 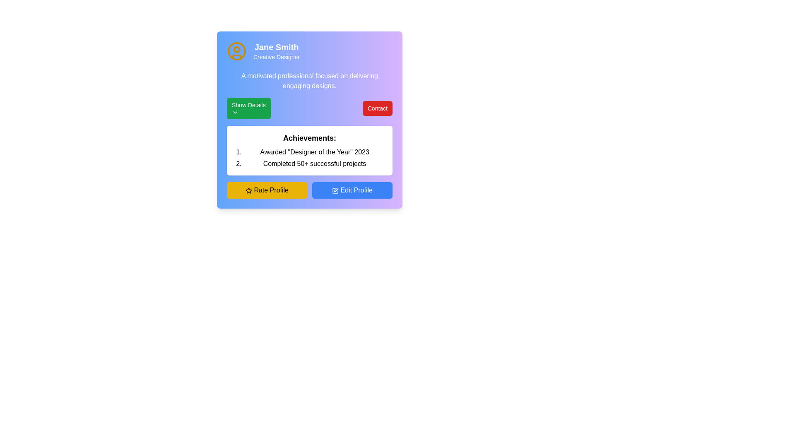 I want to click on the 'Rate Profile' button, which is a rectangular button with a yellow background and black text, located at the bottom-left of a horizontal layout containing two buttons, so click(x=267, y=190).